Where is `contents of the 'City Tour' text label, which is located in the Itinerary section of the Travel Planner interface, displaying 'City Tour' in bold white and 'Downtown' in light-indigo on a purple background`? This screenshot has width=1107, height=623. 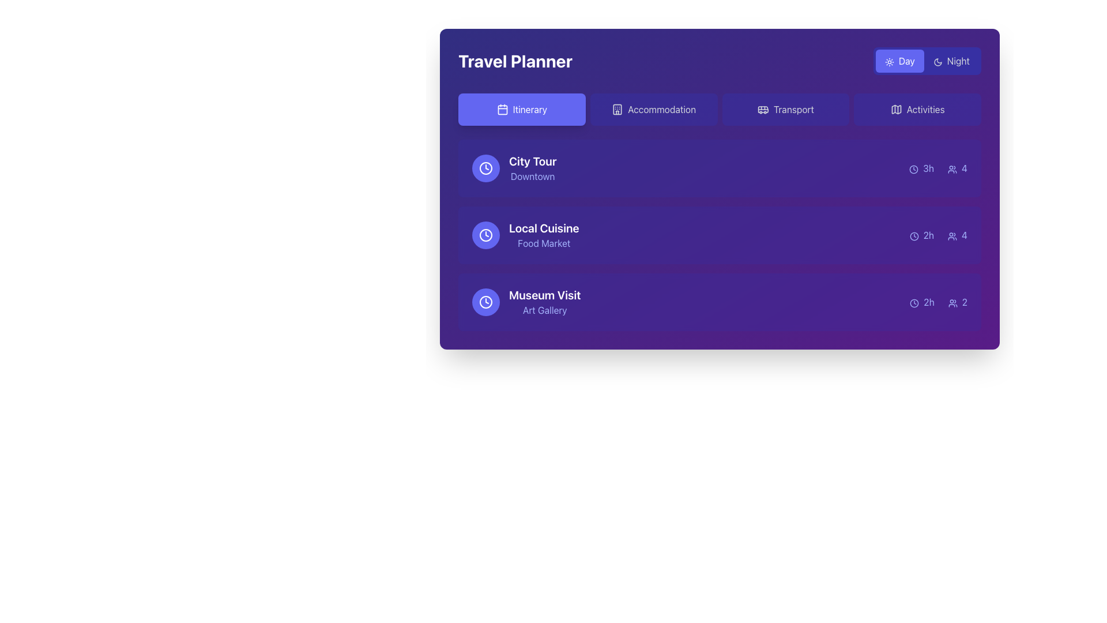
contents of the 'City Tour' text label, which is located in the Itinerary section of the Travel Planner interface, displaying 'City Tour' in bold white and 'Downtown' in light-indigo on a purple background is located at coordinates (532, 168).